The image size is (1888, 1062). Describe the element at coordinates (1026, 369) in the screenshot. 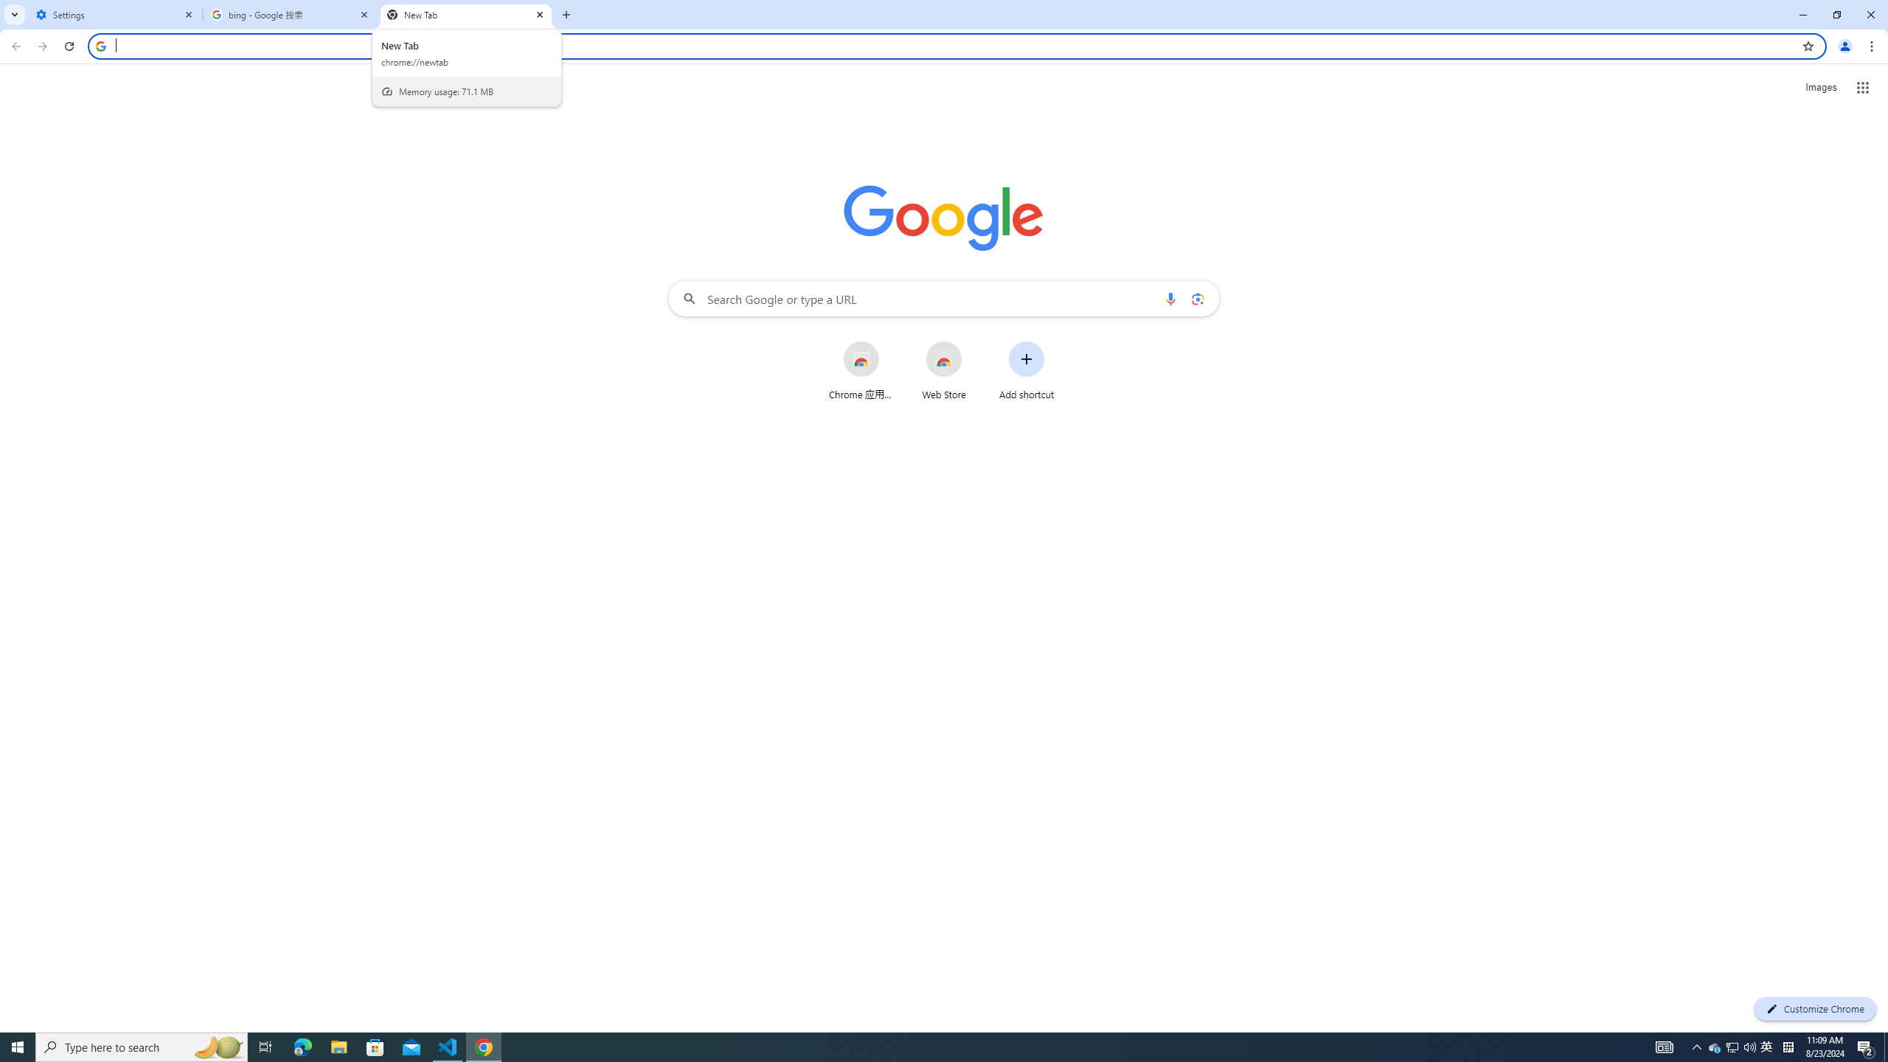

I see `'Add shortcut'` at that location.